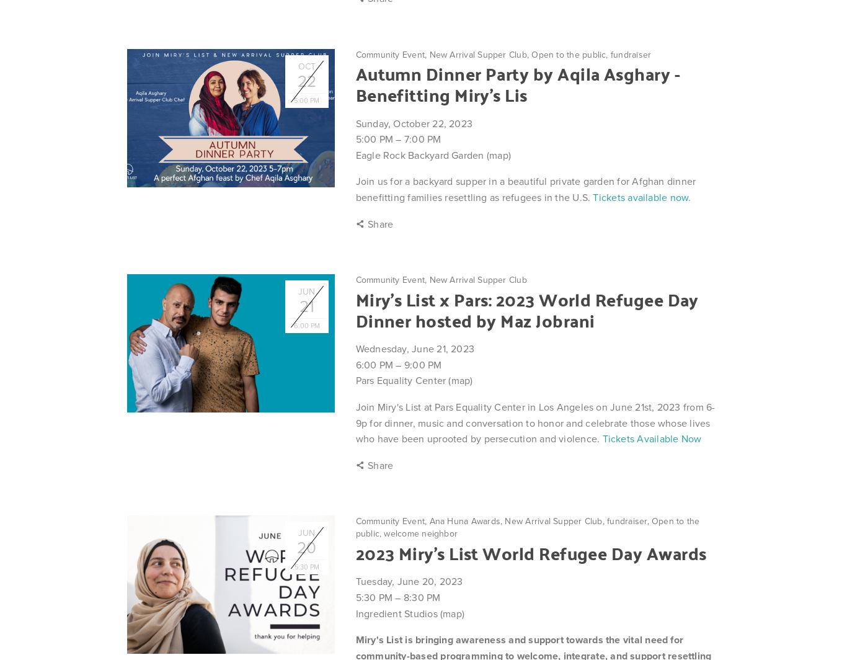  What do you see at coordinates (525, 189) in the screenshot?
I see `'Join us for a backyard supper in a beautiful private garden for Afghan dinner benefitting families resettling as refugees in the U.S.'` at bounding box center [525, 189].